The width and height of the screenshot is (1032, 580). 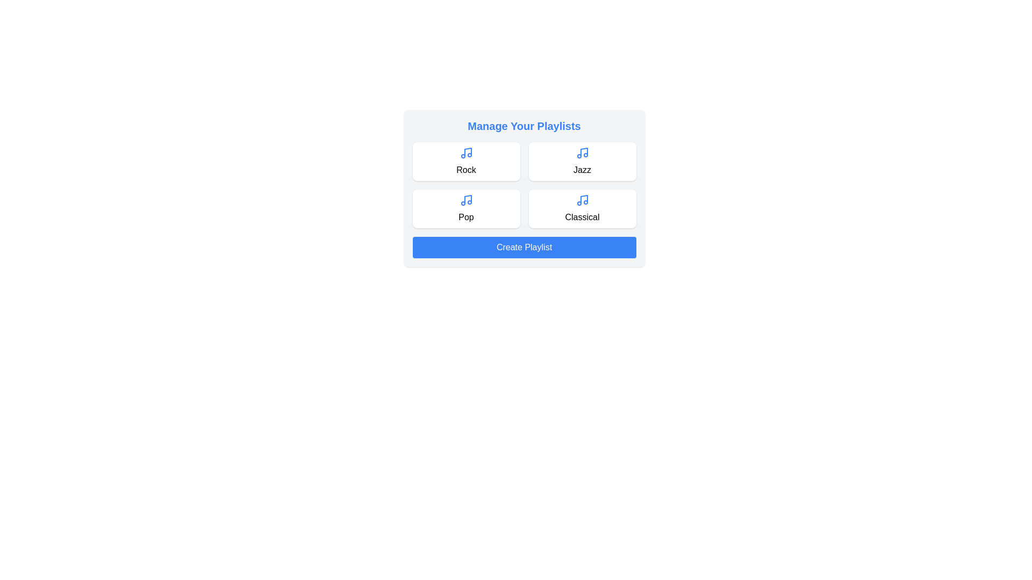 What do you see at coordinates (582, 209) in the screenshot?
I see `the playlist card labeled Classical` at bounding box center [582, 209].